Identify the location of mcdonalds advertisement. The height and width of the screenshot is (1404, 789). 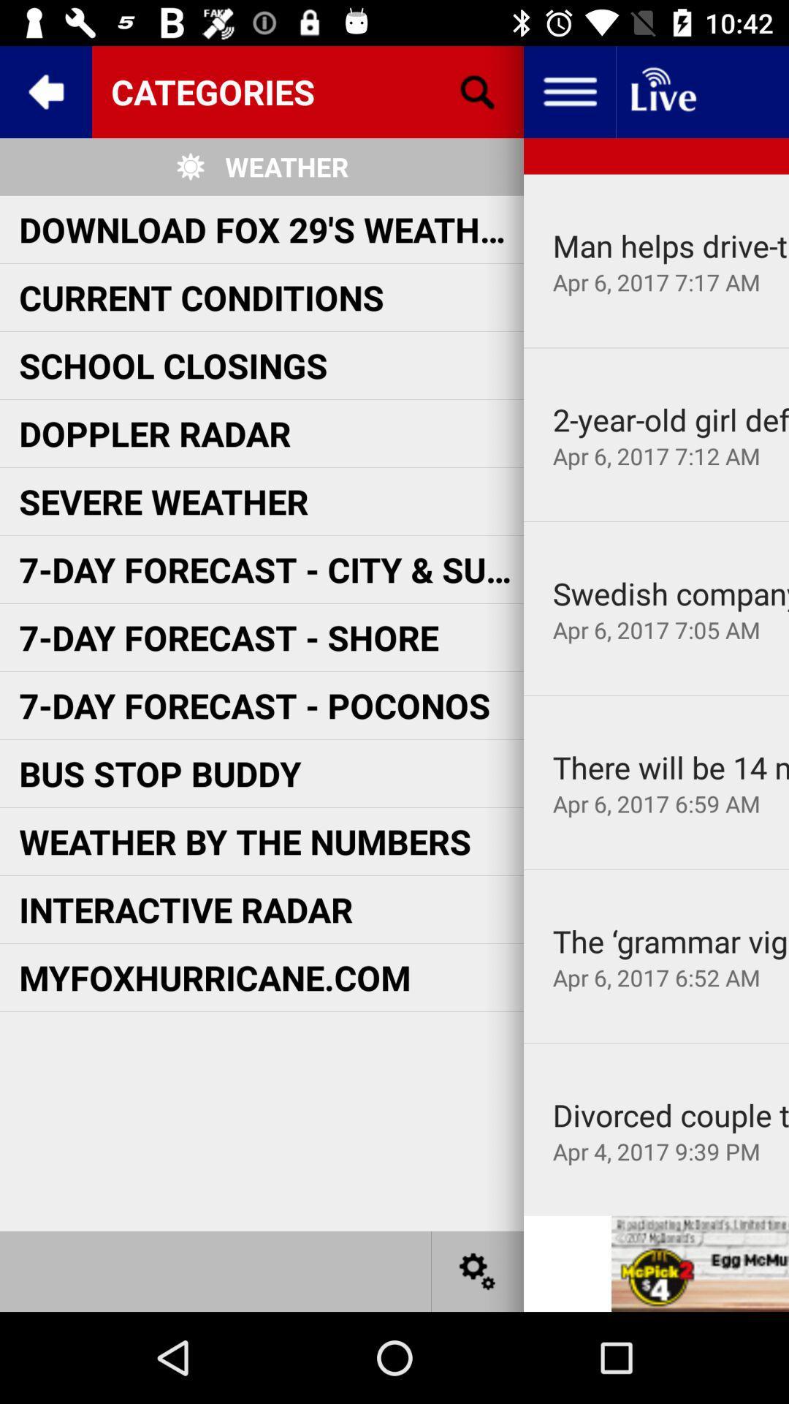
(699, 1263).